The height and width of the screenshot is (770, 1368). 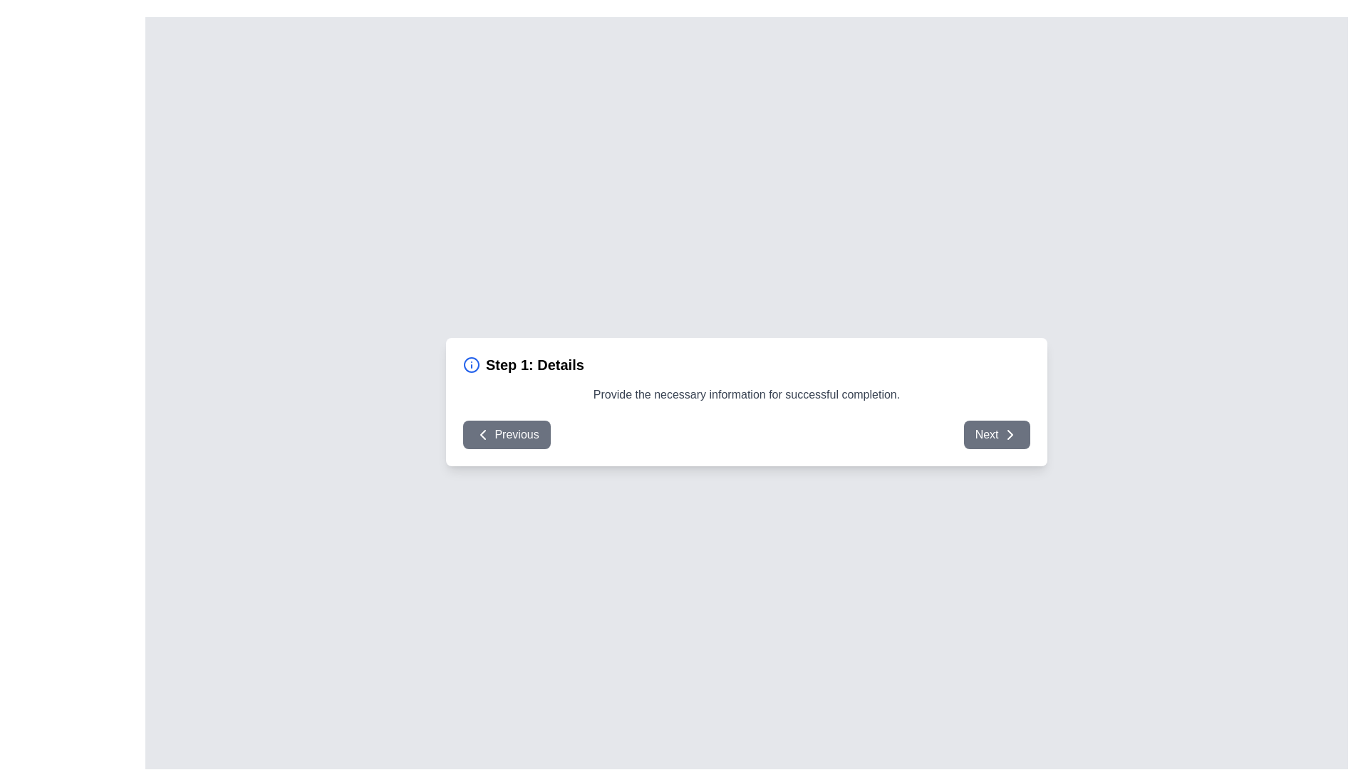 I want to click on the appearance of the rightward navigation icon located to the right of the 'Next' button, which indicates progression in the process, so click(x=1009, y=433).